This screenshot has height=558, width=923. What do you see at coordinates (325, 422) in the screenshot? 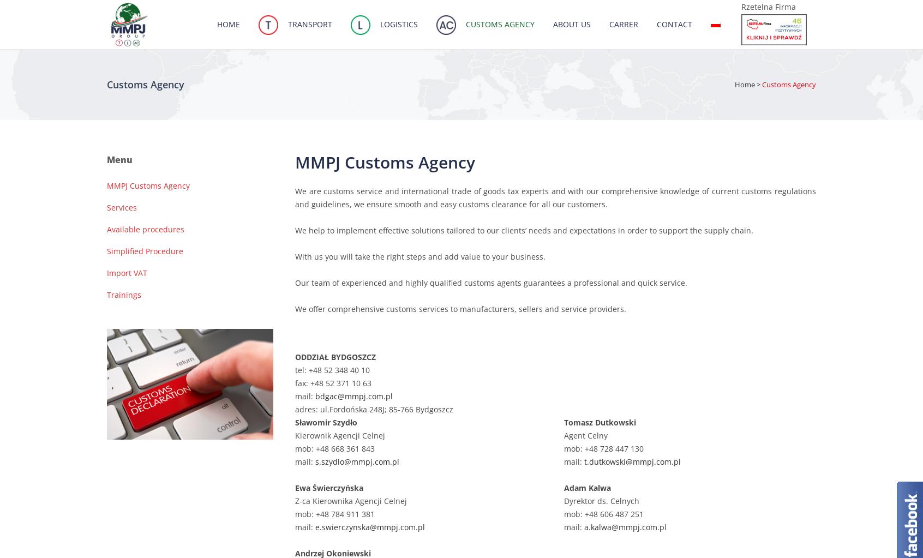
I see `'Sławomir Szydło'` at bounding box center [325, 422].